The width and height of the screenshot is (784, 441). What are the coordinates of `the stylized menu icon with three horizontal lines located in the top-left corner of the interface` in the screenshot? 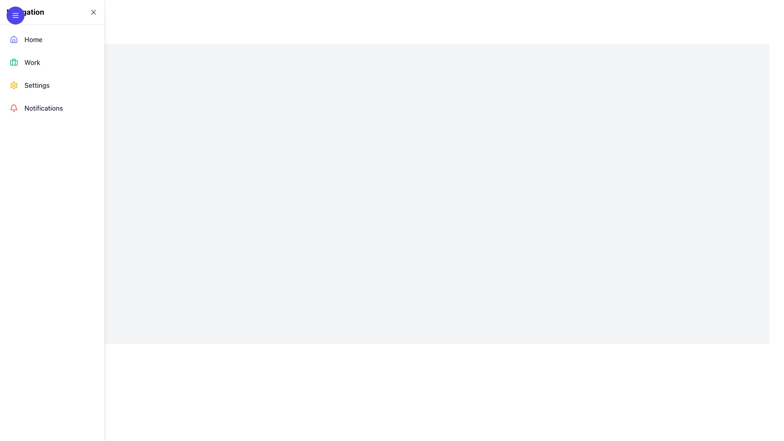 It's located at (16, 16).